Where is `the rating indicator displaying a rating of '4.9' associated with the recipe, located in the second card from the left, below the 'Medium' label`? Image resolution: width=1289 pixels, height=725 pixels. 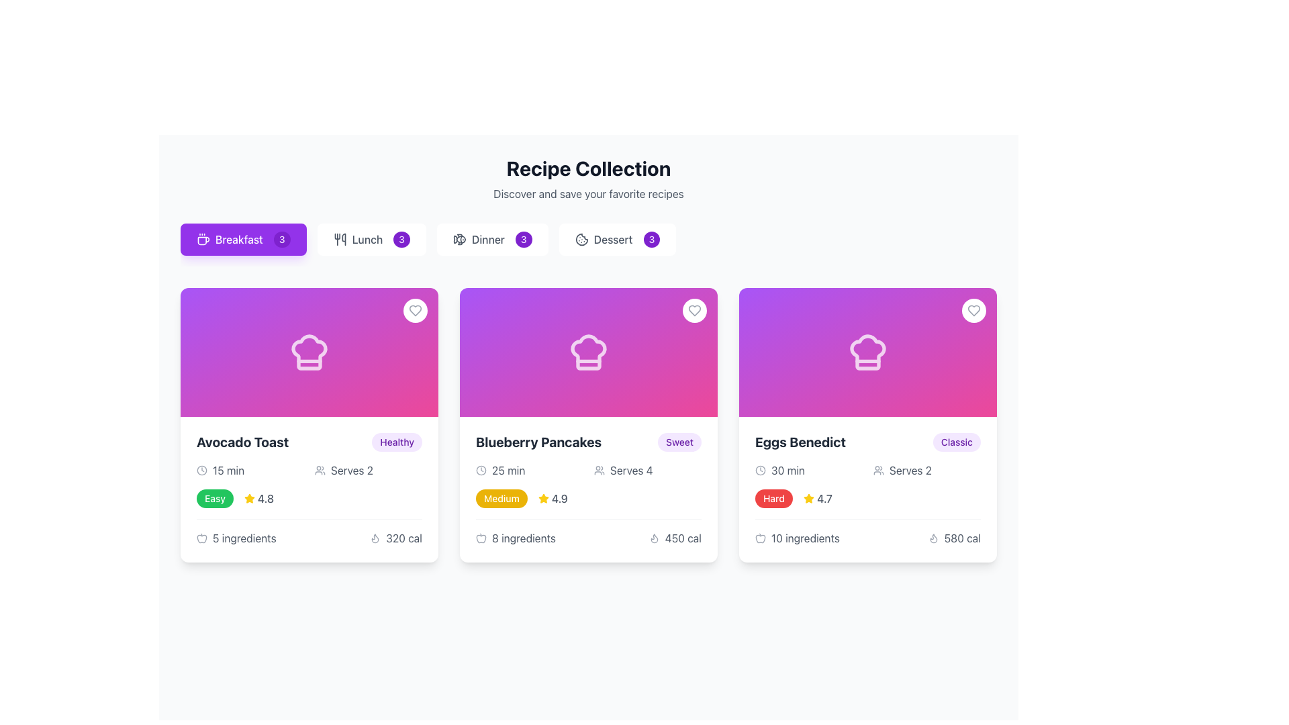
the rating indicator displaying a rating of '4.9' associated with the recipe, located in the second card from the left, below the 'Medium' label is located at coordinates (553, 499).